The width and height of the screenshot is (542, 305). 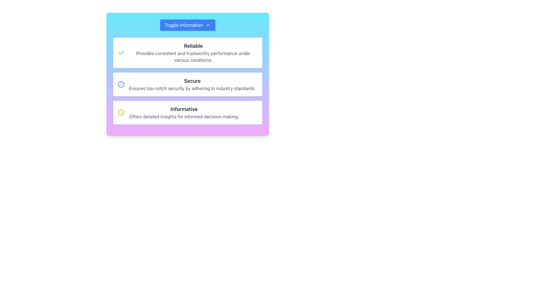 What do you see at coordinates (184, 112) in the screenshot?
I see `the 'Informative' text block, which features a title 'Informative' in bold and a subtitle 'Offers detailed insights for informed decision-making.'` at bounding box center [184, 112].